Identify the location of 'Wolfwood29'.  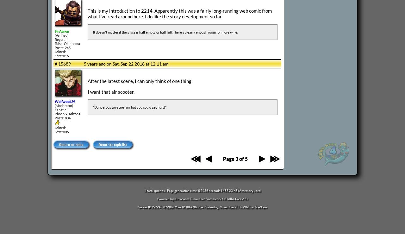
(65, 101).